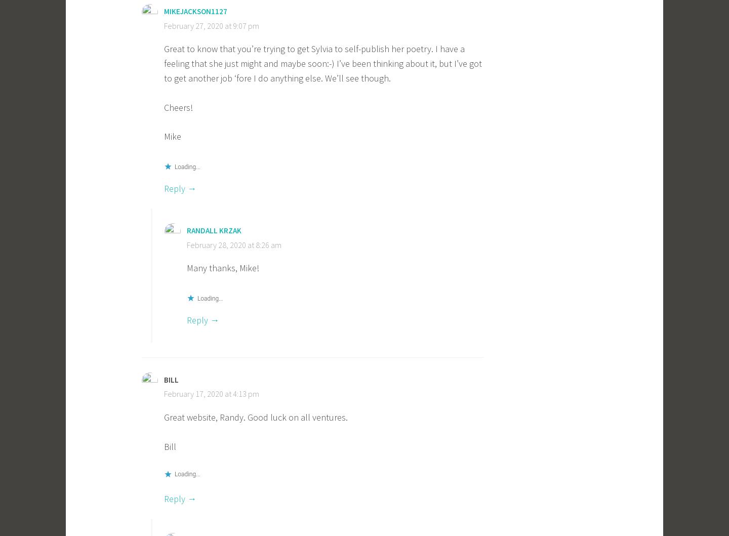 This screenshot has height=536, width=729. Describe the element at coordinates (211, 393) in the screenshot. I see `'February 17, 2020 at 4:13 pm'` at that location.